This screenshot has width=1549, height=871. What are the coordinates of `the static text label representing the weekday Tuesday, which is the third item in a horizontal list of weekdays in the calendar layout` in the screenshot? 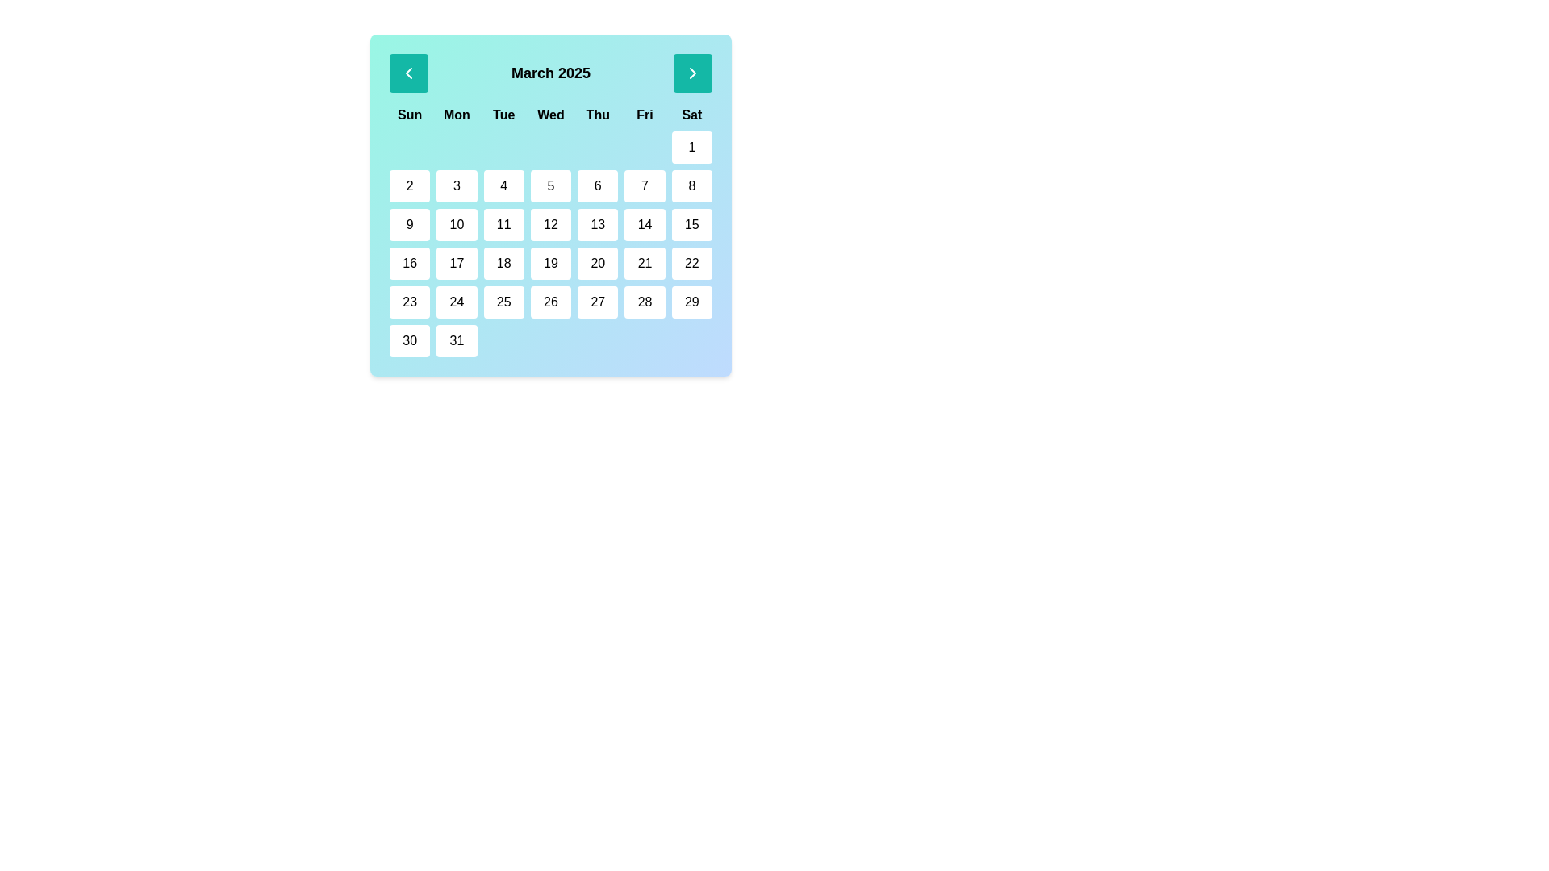 It's located at (503, 114).